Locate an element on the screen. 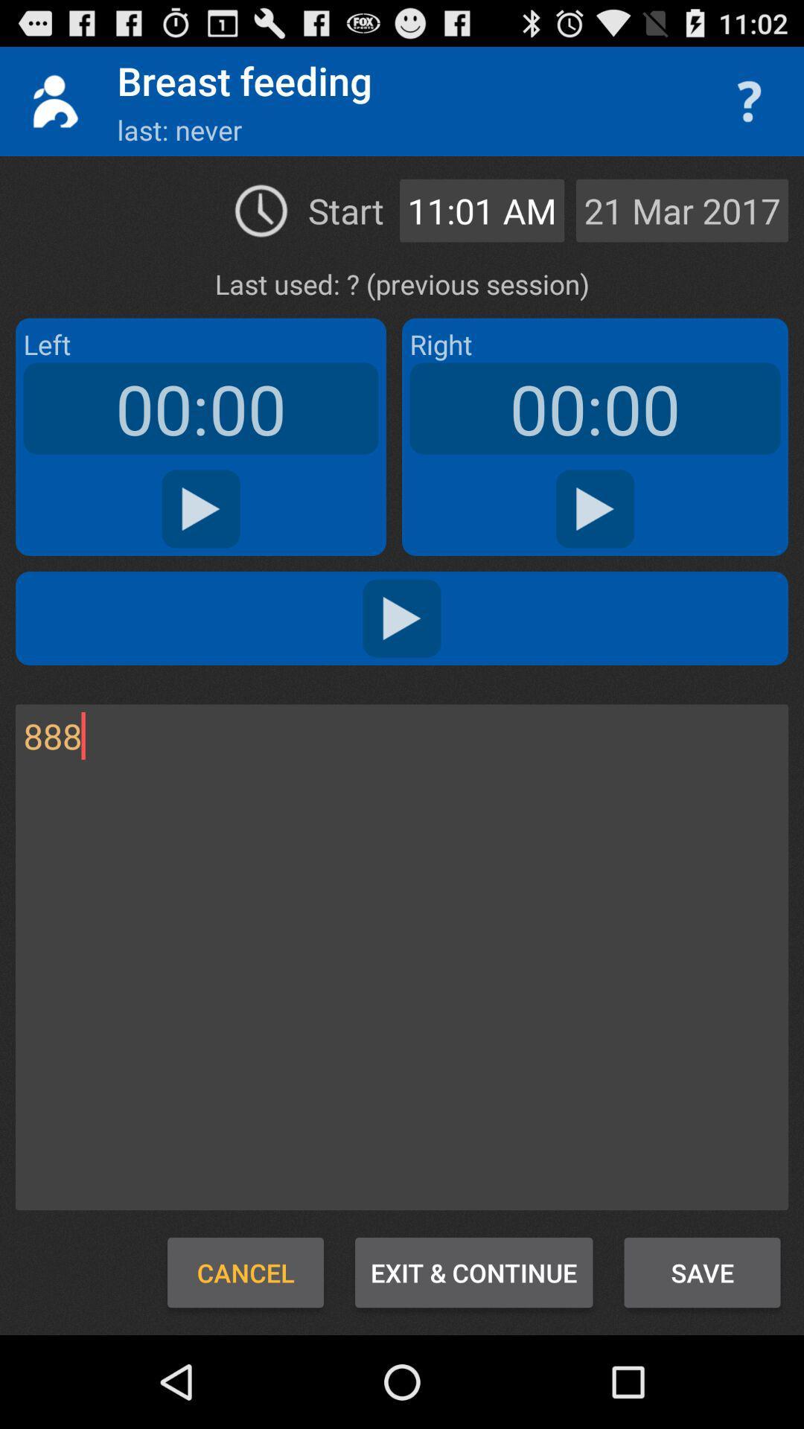  the play icon is located at coordinates (402, 661).